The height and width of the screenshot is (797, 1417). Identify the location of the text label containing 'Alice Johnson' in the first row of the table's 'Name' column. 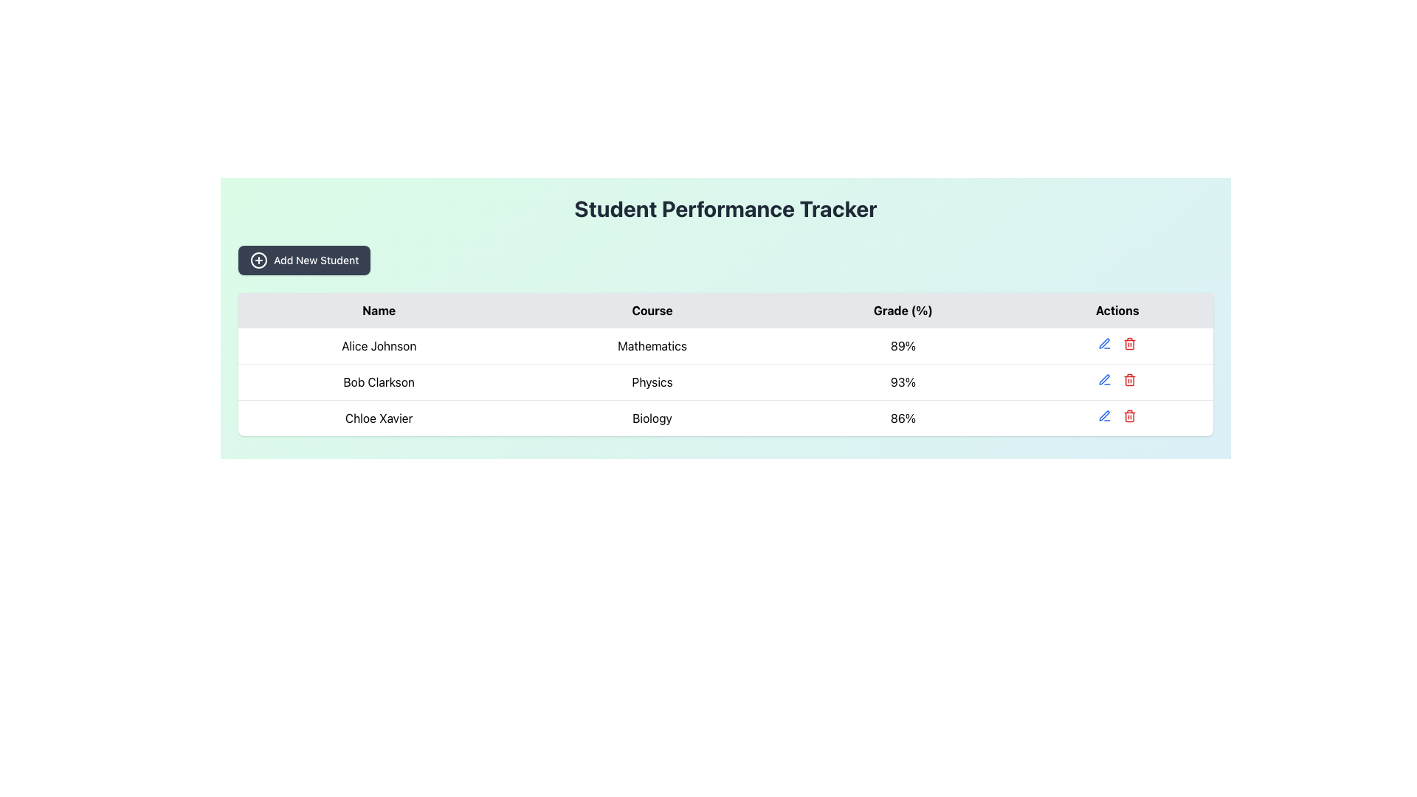
(379, 346).